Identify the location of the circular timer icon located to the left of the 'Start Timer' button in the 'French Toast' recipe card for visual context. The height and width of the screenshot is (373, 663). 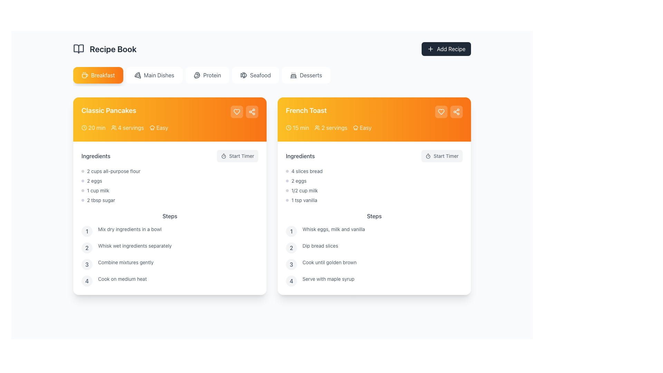
(427, 156).